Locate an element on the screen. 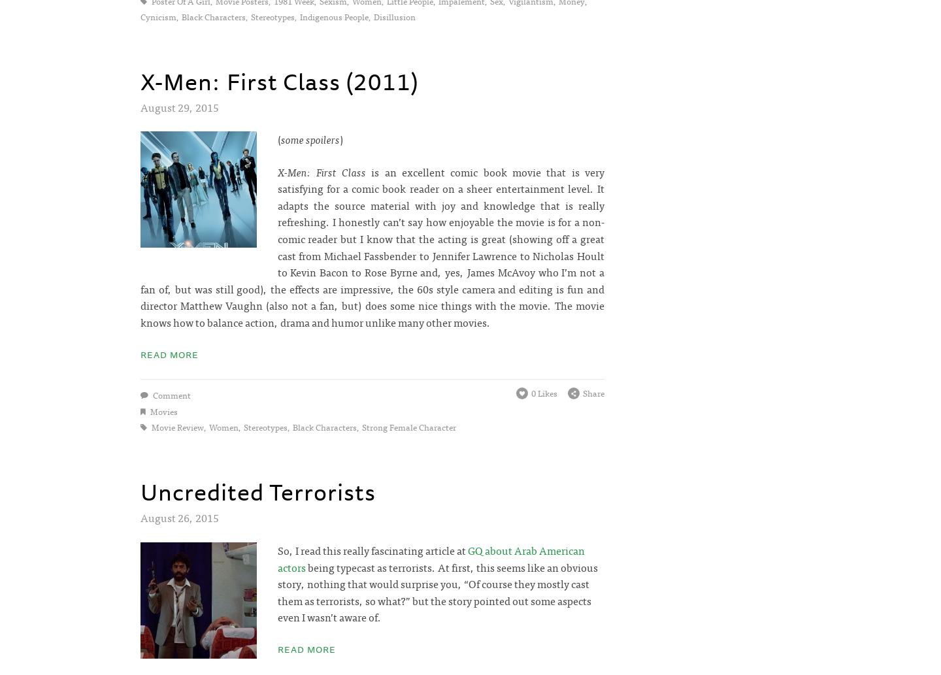 The image size is (941, 675). 'movies' is located at coordinates (162, 410).